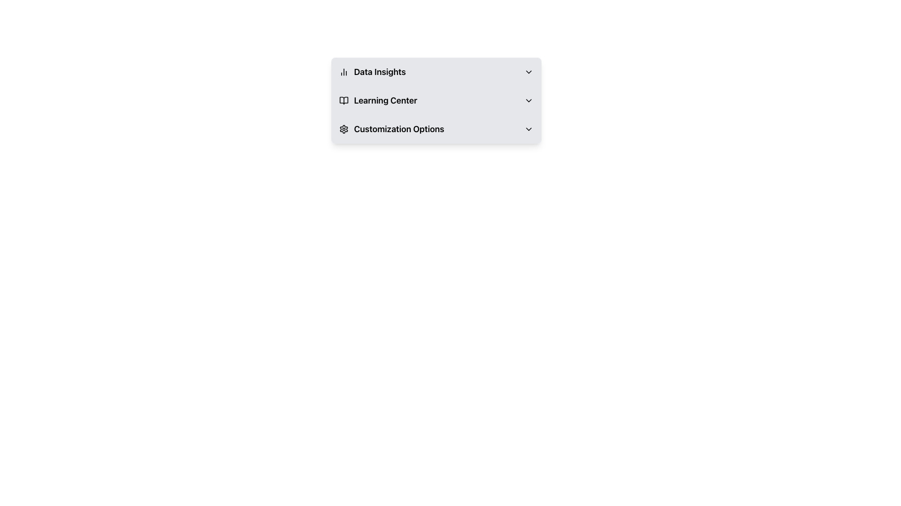  What do you see at coordinates (343, 129) in the screenshot?
I see `the settings icon located at the far left of the third item in the list, preceding the text 'Customization Options'` at bounding box center [343, 129].